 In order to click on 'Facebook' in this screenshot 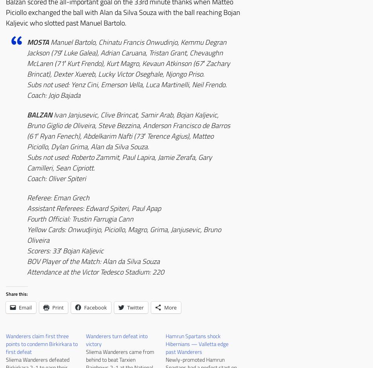, I will do `click(95, 307)`.